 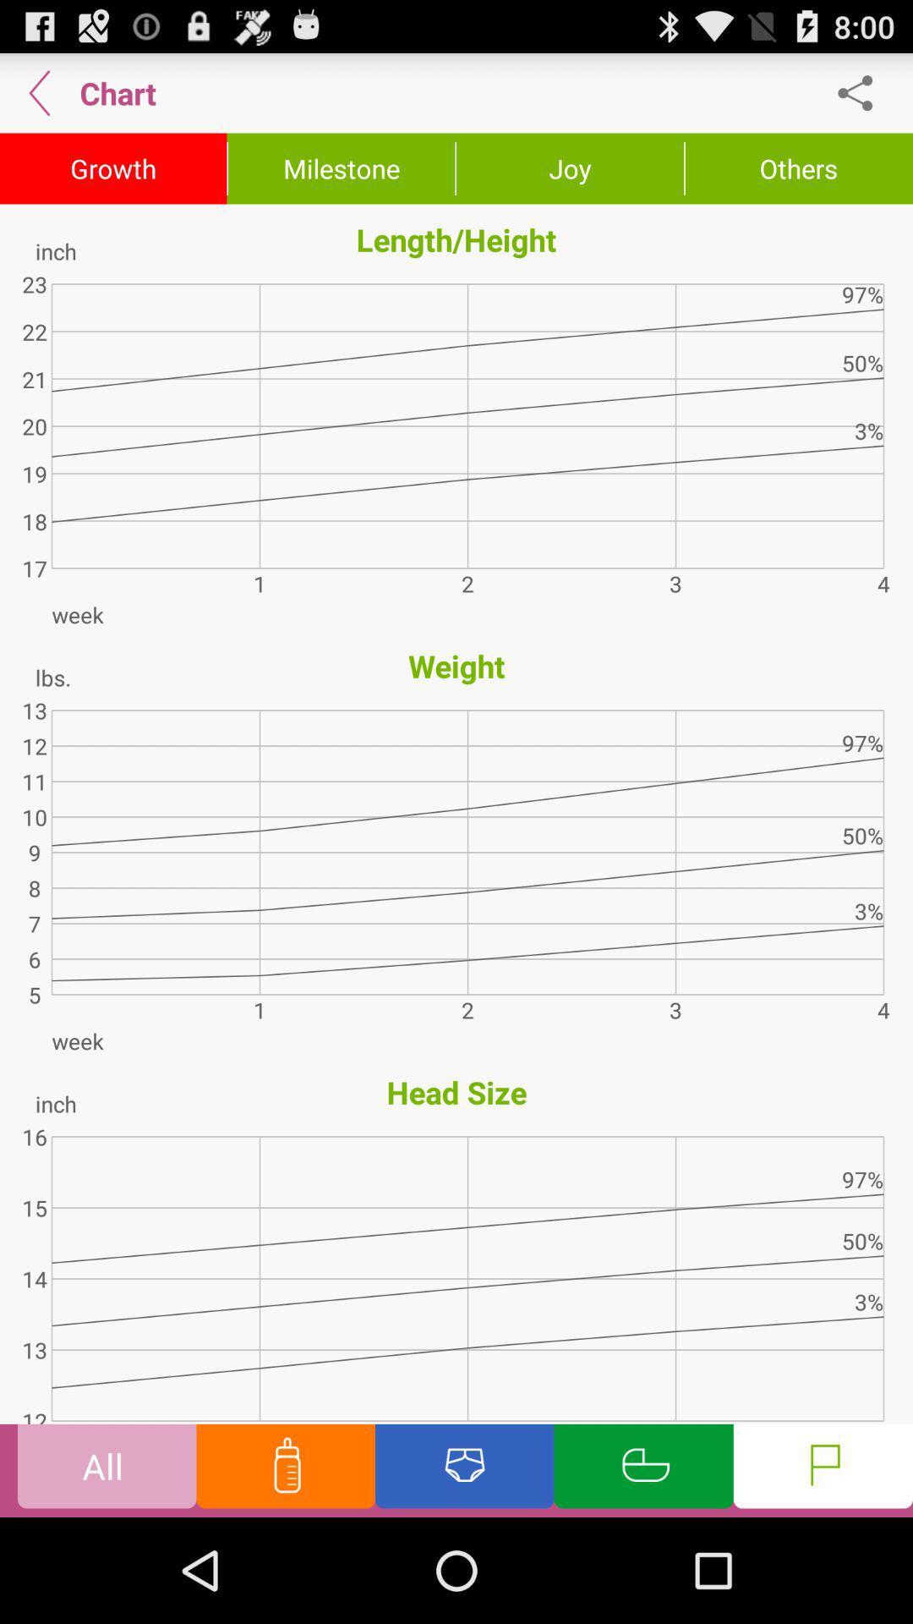 I want to click on the image at right adjacent side of baby bottle, so click(x=465, y=1469).